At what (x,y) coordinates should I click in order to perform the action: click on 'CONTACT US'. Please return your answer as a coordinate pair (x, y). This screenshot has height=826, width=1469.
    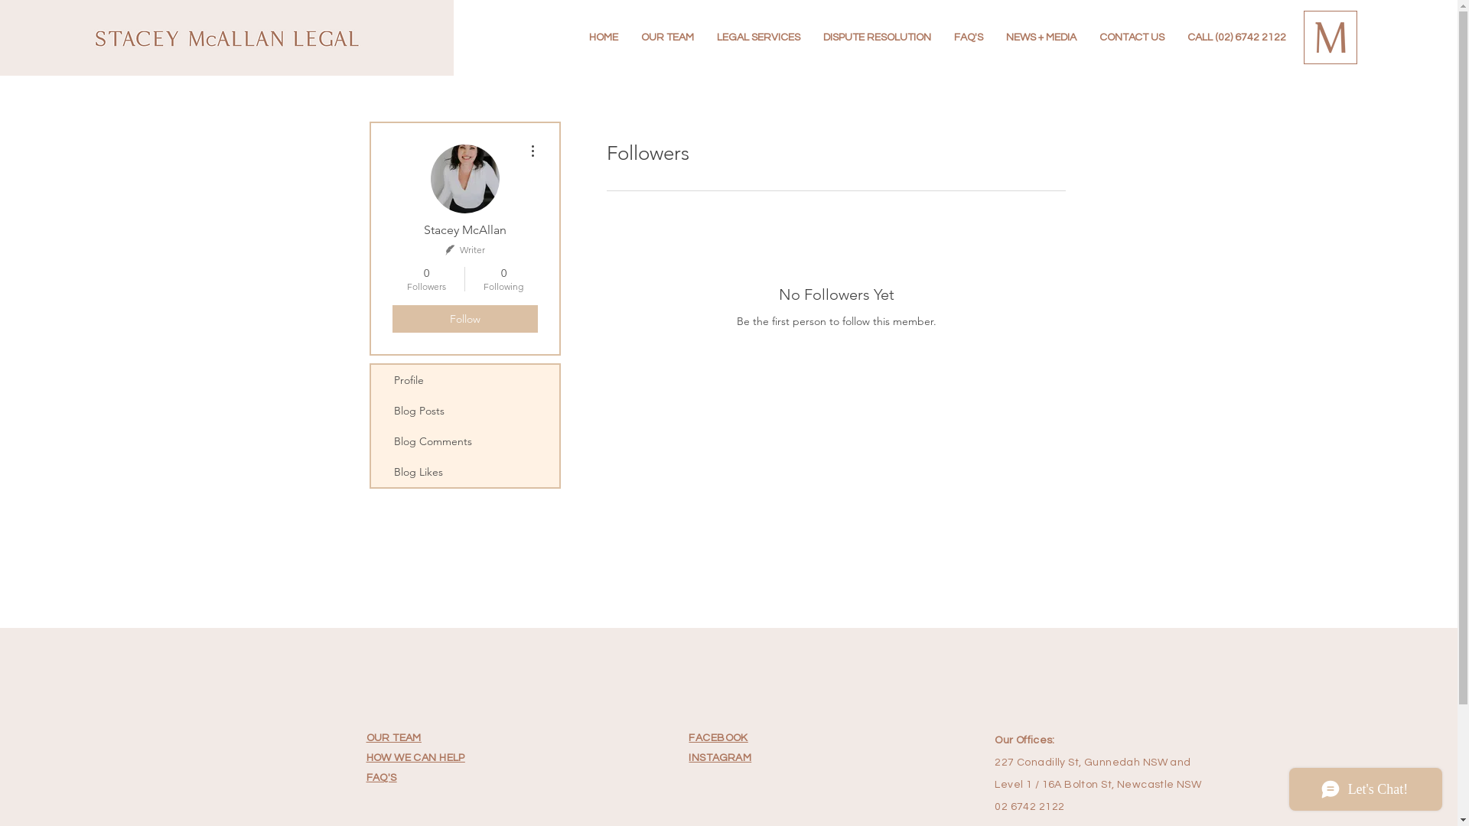
    Looking at the image, I should click on (1086, 37).